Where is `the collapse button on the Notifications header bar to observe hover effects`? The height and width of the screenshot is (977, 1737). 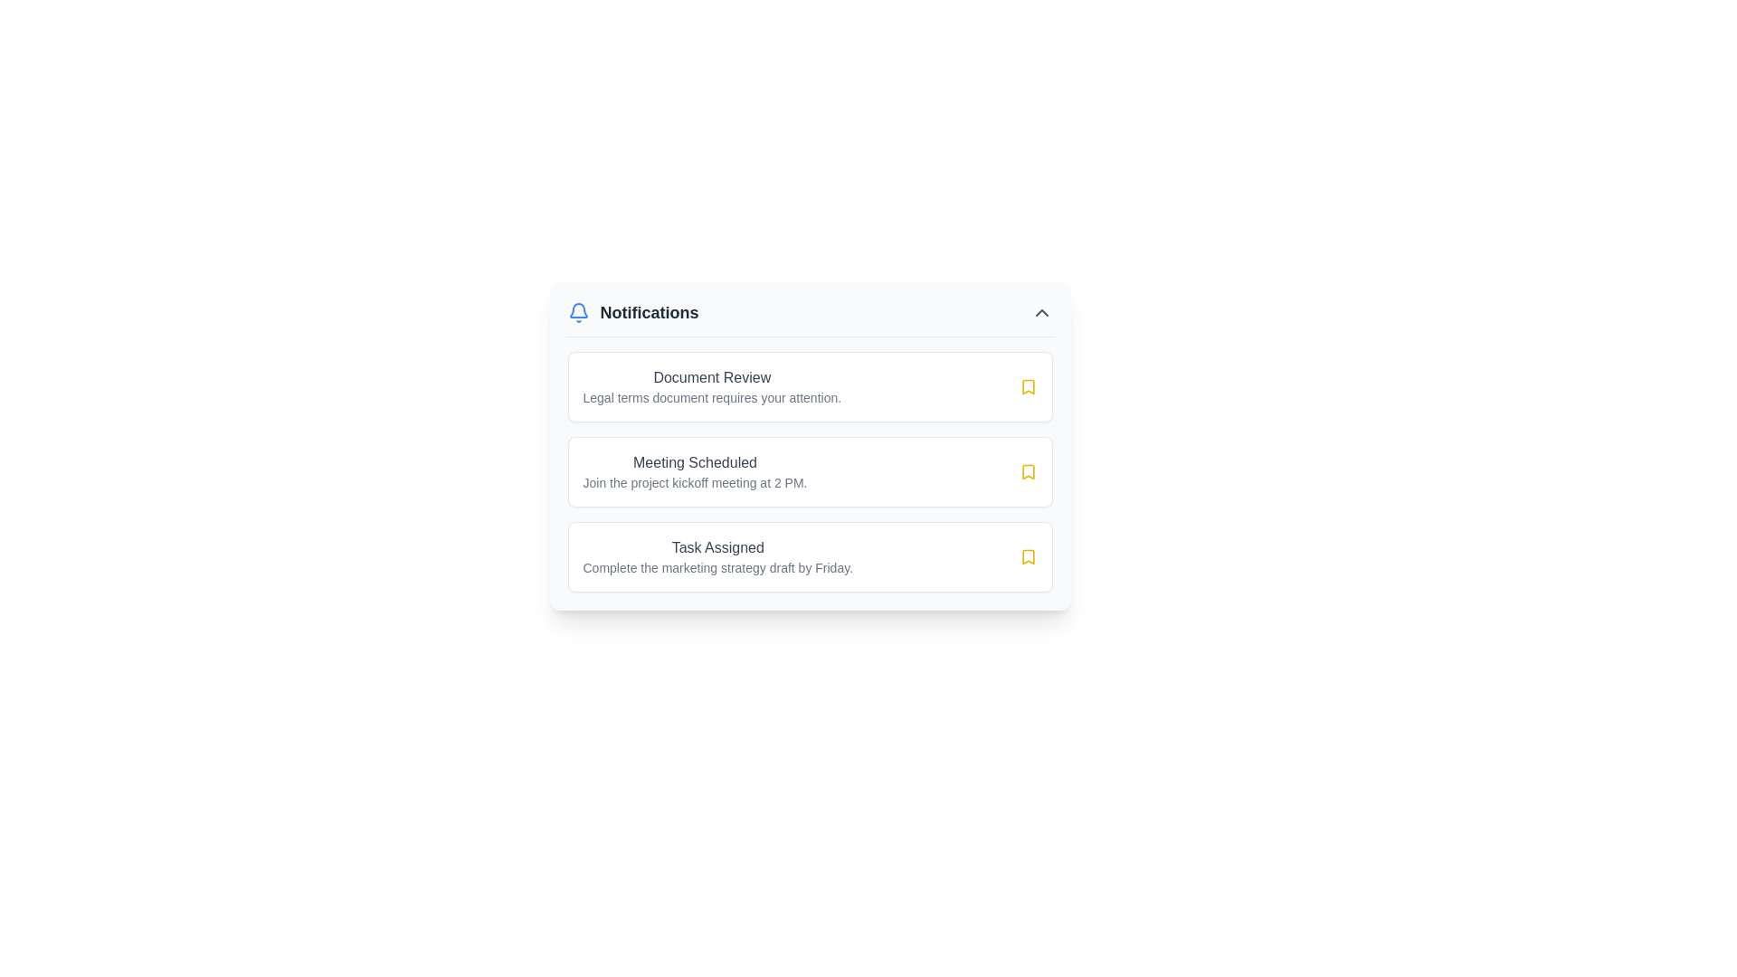
the collapse button on the Notifications header bar to observe hover effects is located at coordinates (1041, 312).